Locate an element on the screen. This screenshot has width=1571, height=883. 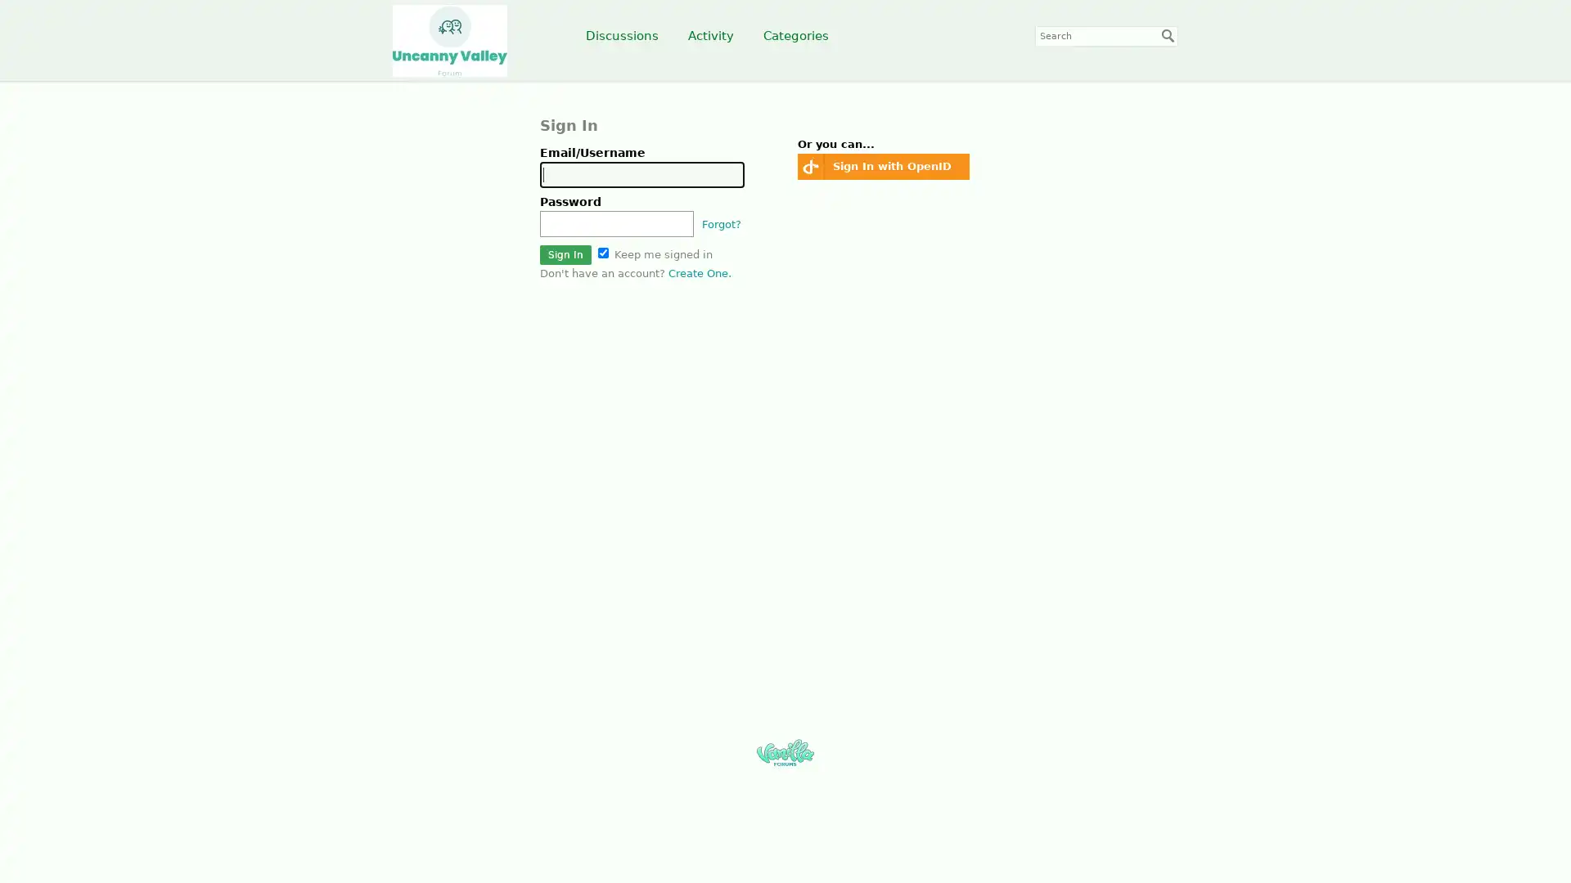
Sign In is located at coordinates (565, 255).